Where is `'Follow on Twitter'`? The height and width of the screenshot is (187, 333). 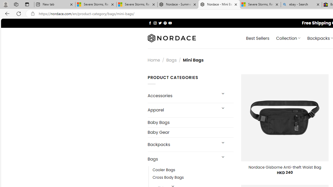 'Follow on Twitter' is located at coordinates (160, 23).